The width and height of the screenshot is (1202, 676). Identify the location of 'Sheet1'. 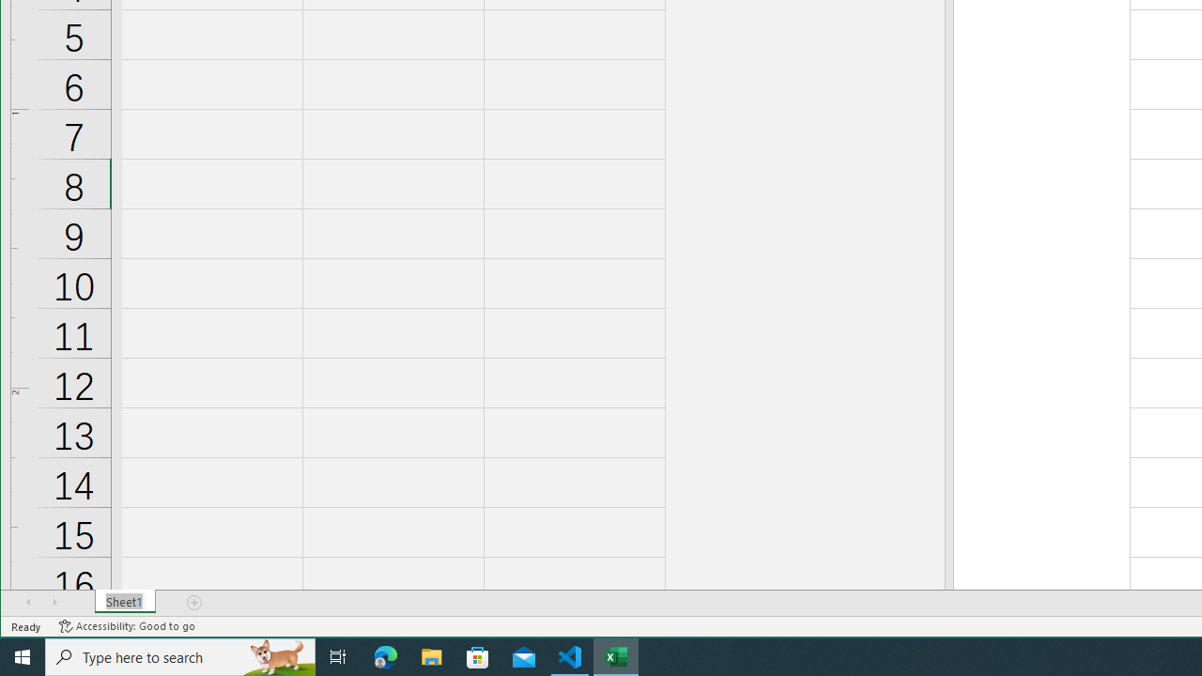
(124, 602).